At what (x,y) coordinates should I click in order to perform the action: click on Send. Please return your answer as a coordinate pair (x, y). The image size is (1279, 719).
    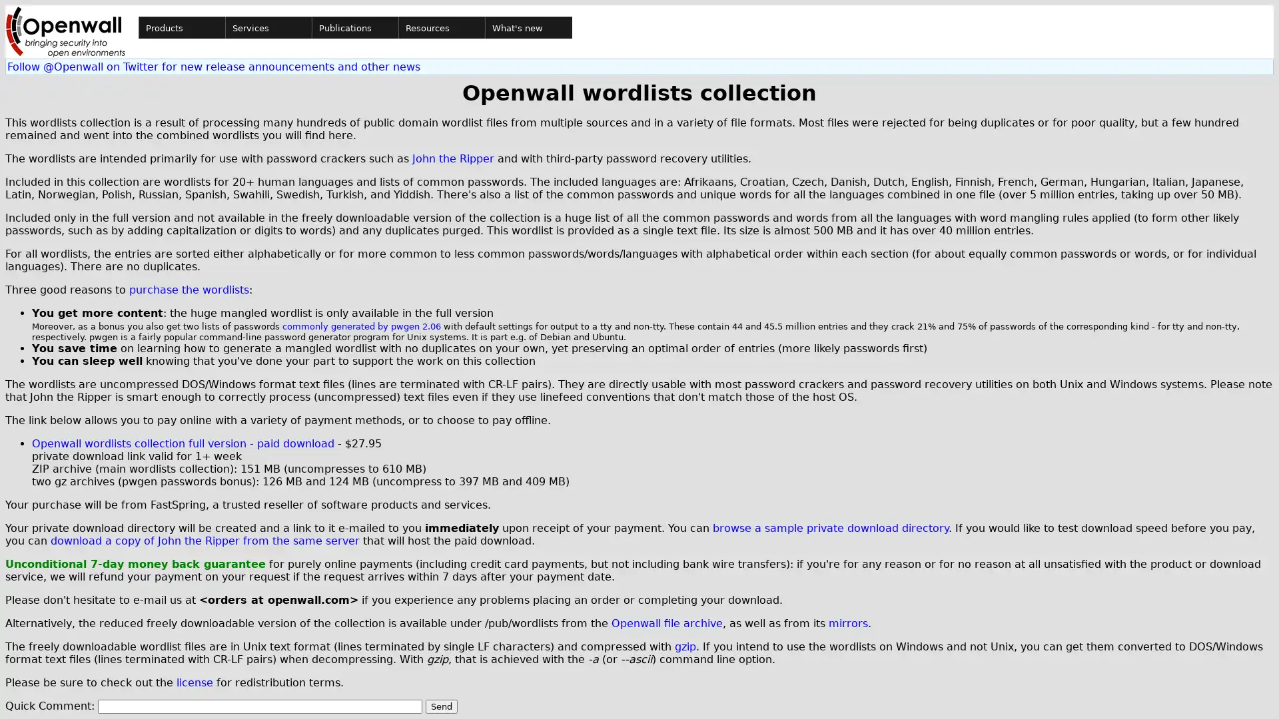
    Looking at the image, I should click on (441, 706).